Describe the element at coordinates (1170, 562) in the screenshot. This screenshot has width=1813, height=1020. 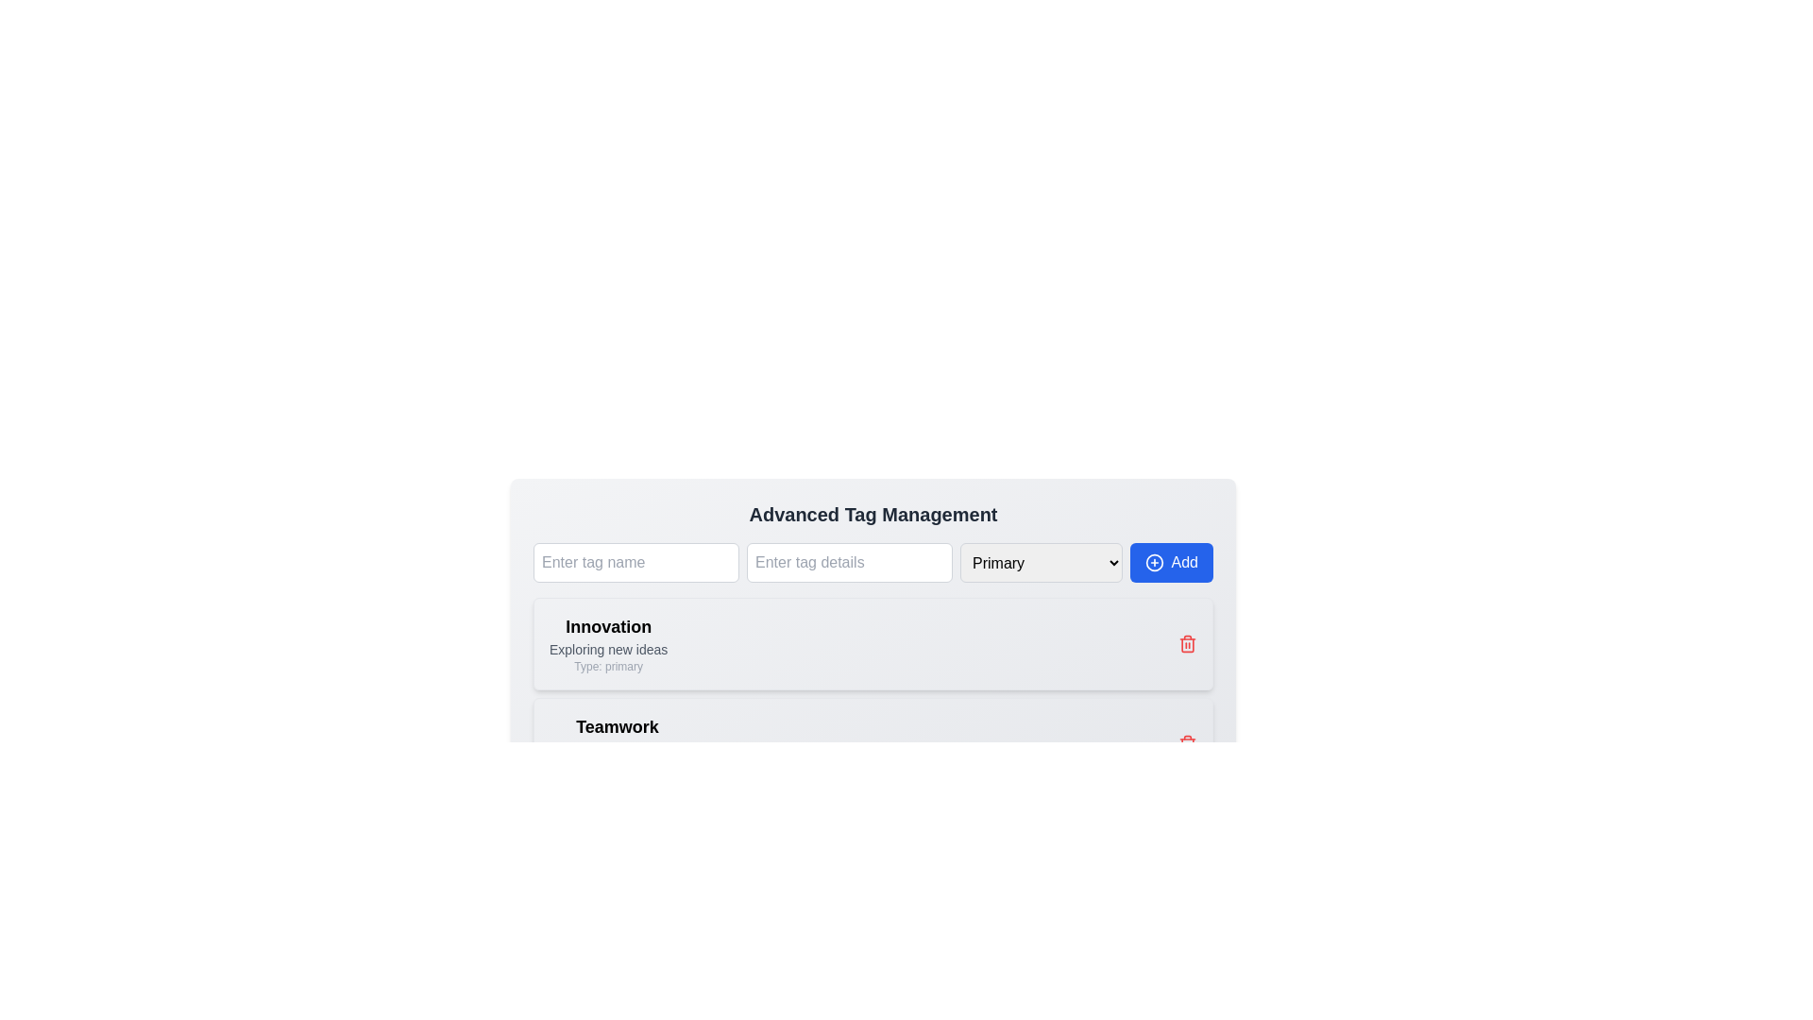
I see `the button used to add a new tag in the 'Advanced Tag Management' section, located at the far right end of the row adjacent to the 'Primary' dropdown field` at that location.